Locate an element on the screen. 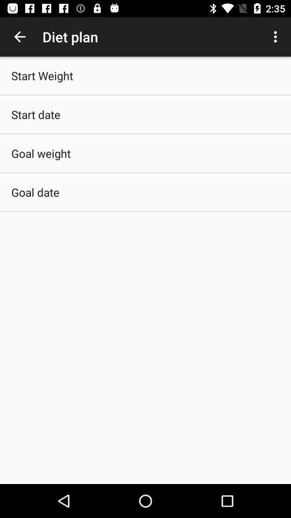  icon to the left of diet plan icon is located at coordinates (19, 37).